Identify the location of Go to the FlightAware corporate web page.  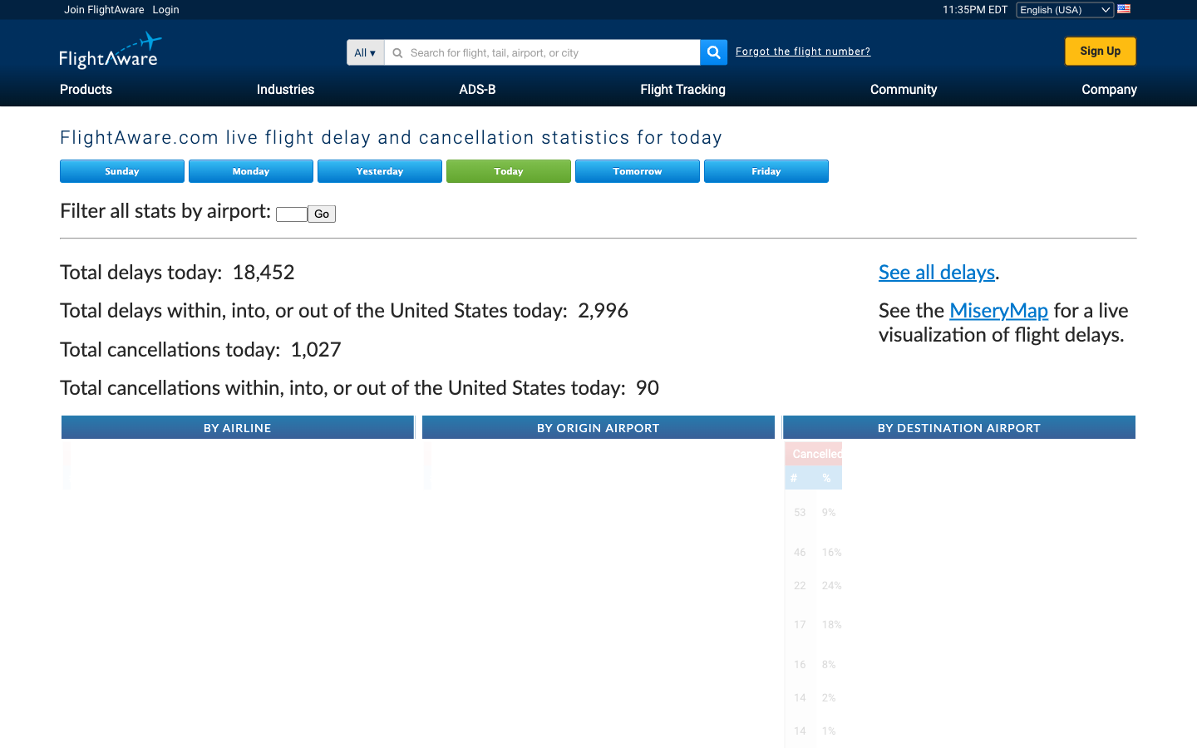
(1108, 86).